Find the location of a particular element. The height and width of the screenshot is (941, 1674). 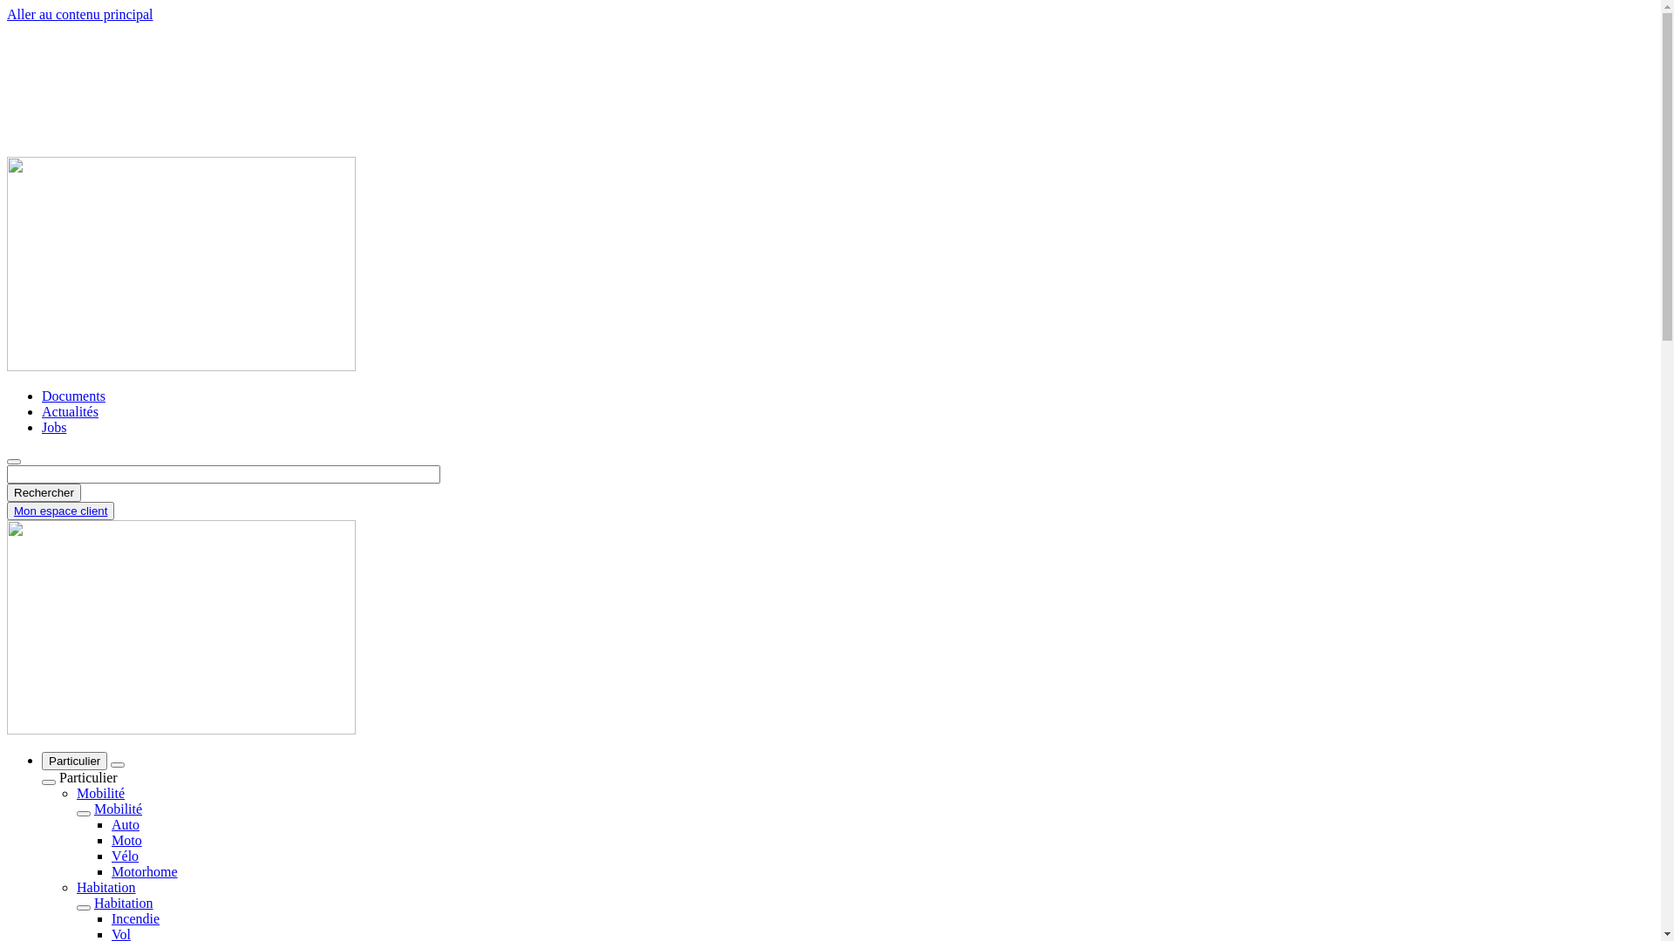

'Rechercher' is located at coordinates (44, 492).